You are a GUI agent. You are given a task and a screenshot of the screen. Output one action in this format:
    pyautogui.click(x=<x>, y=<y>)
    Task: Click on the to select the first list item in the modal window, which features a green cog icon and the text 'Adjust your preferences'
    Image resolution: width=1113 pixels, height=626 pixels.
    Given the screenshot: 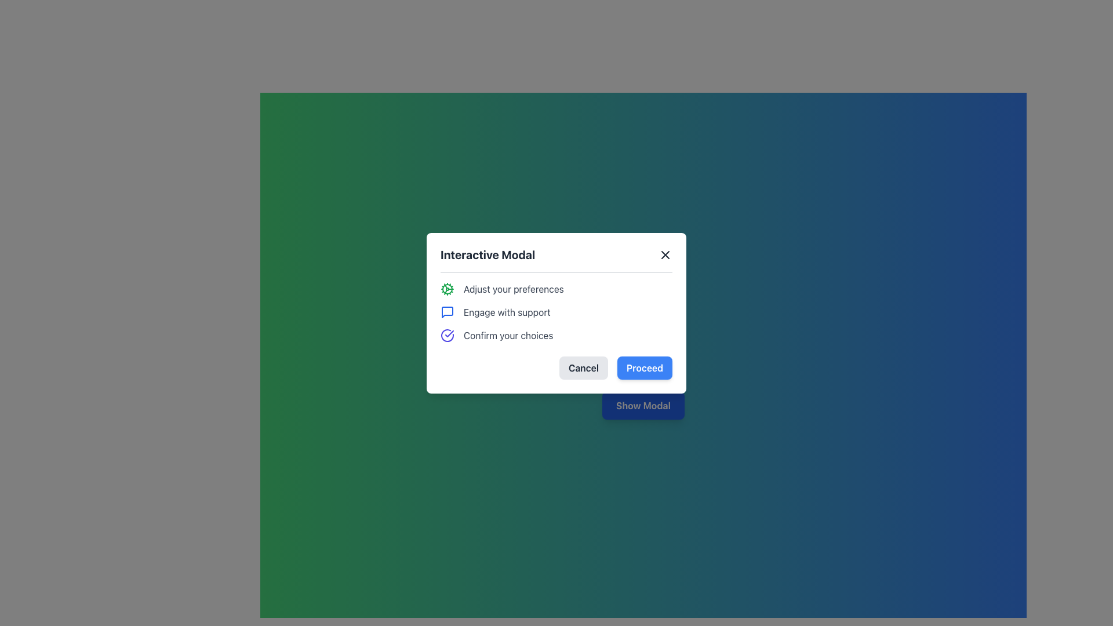 What is the action you would take?
    pyautogui.click(x=556, y=287)
    